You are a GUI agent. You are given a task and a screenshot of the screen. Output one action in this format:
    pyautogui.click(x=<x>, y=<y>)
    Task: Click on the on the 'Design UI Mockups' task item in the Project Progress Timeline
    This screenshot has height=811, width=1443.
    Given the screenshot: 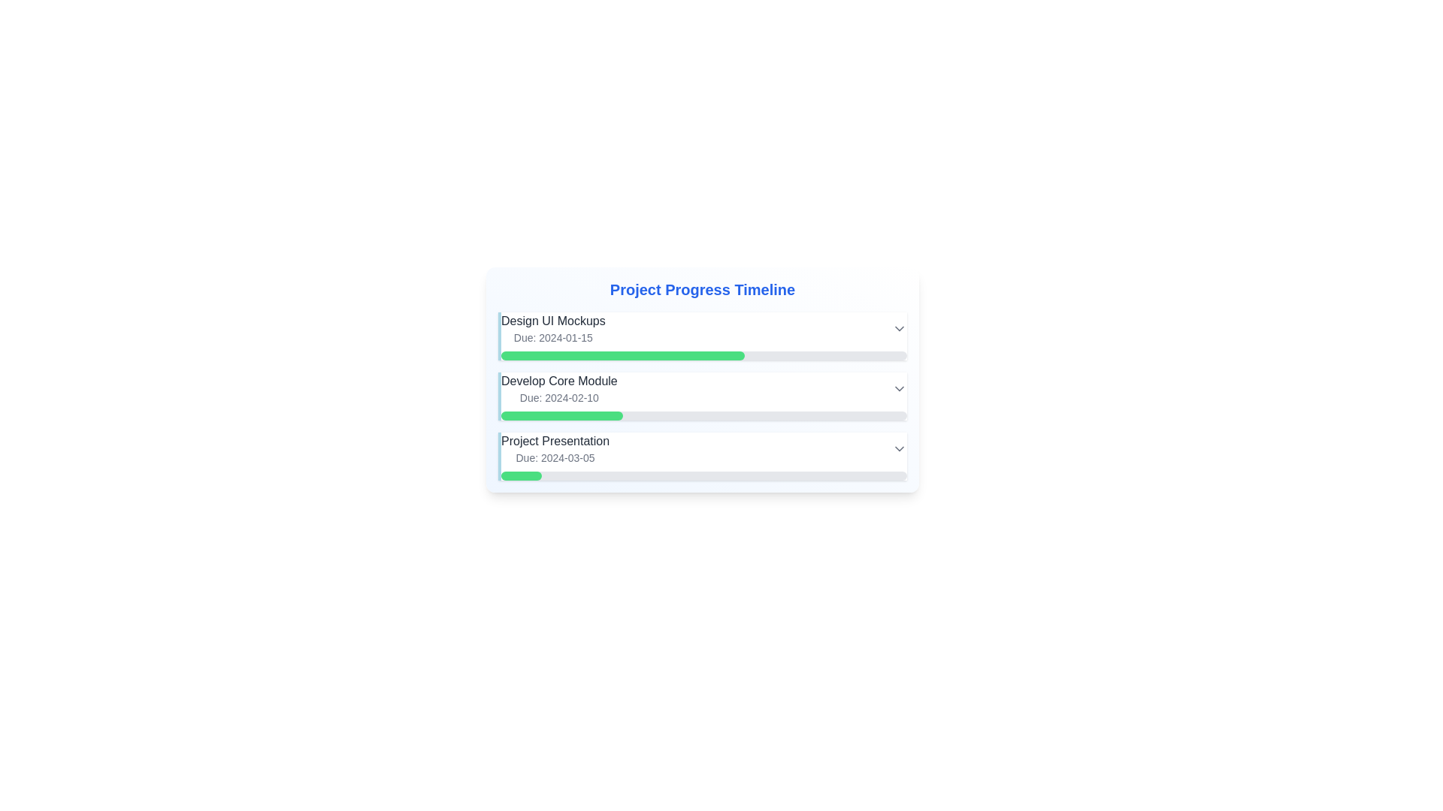 What is the action you would take?
    pyautogui.click(x=702, y=335)
    